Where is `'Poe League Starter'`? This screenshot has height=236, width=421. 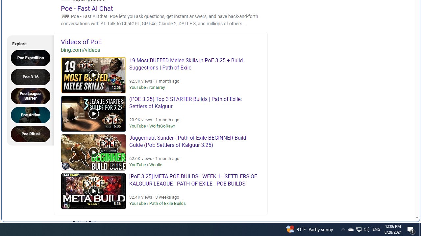 'Poe League Starter' is located at coordinates (32, 96).